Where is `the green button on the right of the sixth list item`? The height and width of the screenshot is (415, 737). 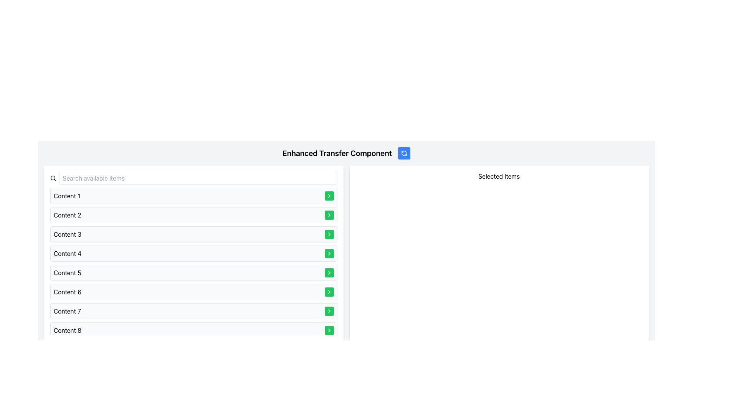 the green button on the right of the sixth list item is located at coordinates (193, 292).